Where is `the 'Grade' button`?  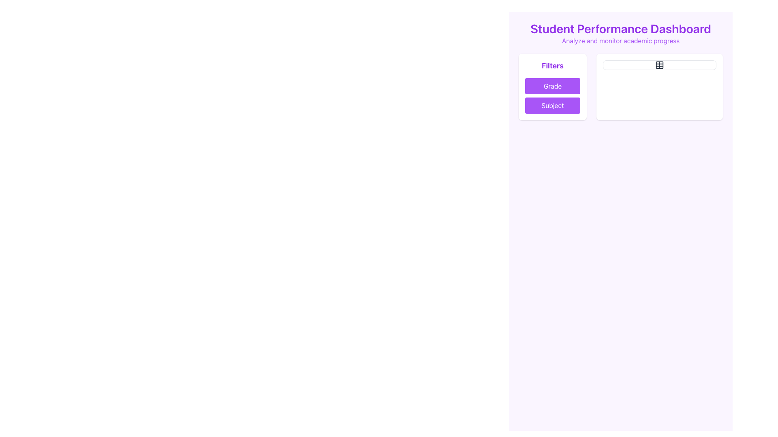 the 'Grade' button is located at coordinates (552, 86).